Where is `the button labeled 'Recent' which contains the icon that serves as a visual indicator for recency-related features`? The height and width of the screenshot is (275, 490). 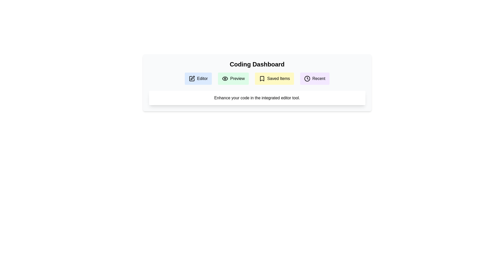 the button labeled 'Recent' which contains the icon that serves as a visual indicator for recency-related features is located at coordinates (307, 78).